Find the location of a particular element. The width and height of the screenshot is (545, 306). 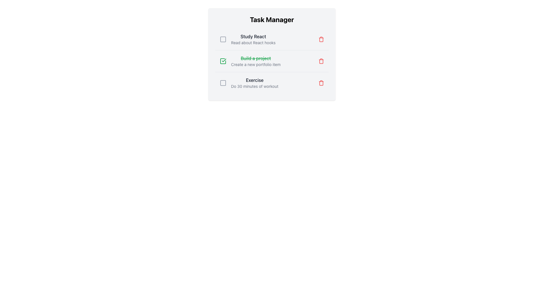

the text label that serves as the title for the exercise task, located in the lower section of the interface above the text 'Do 30 minutes of workout' is located at coordinates (254, 80).